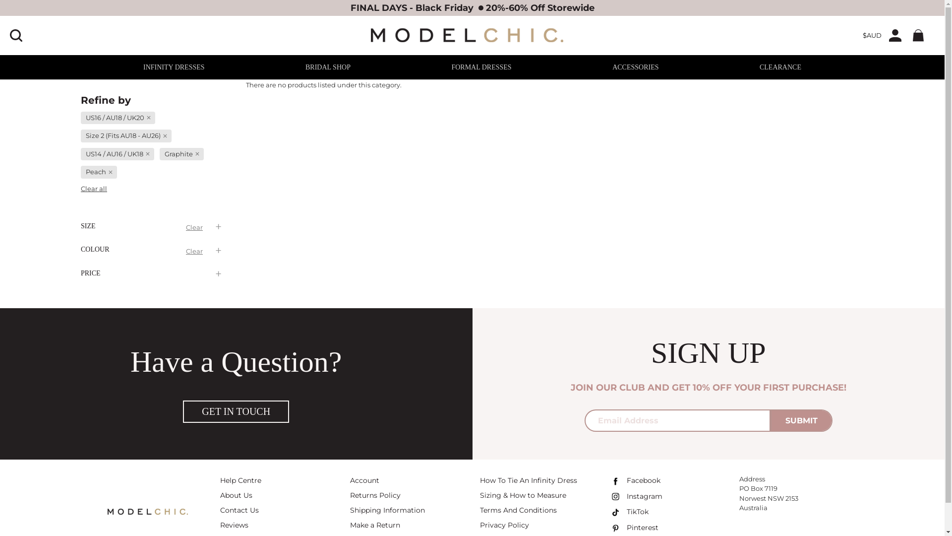 This screenshot has width=952, height=536. I want to click on 'Privacy Policy', so click(504, 526).